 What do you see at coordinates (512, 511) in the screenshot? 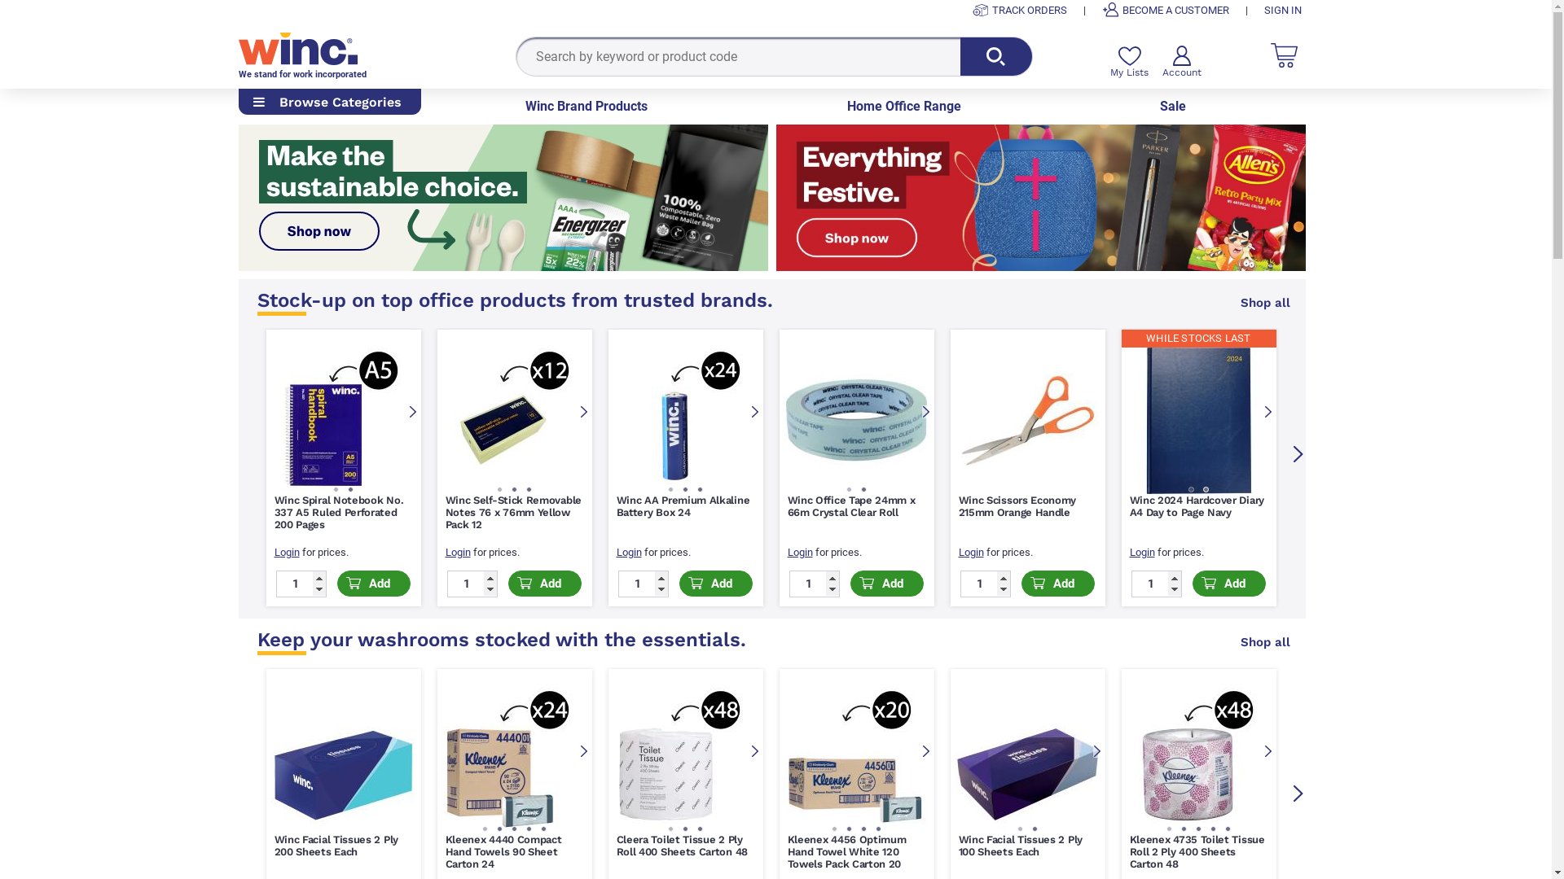
I see `'Winc Self-Stick Removable Notes 76 x 76mm Yellow Pack 12'` at bounding box center [512, 511].